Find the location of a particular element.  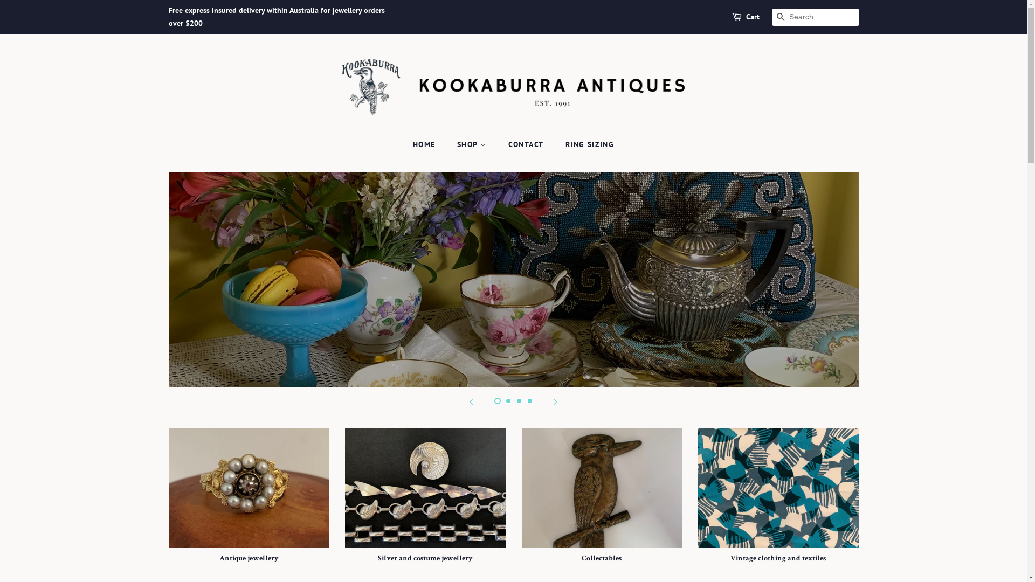

'Cart' is located at coordinates (752, 17).